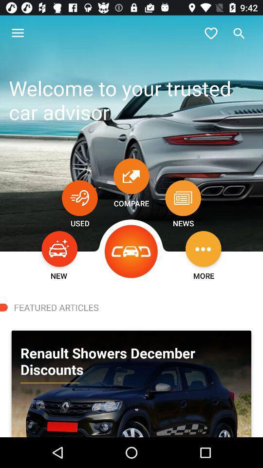 This screenshot has height=468, width=263. I want to click on the icon above the more, so click(203, 248).